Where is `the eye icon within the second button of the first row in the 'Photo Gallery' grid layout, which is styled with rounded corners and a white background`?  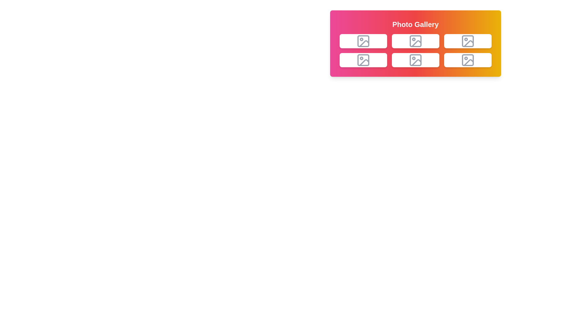 the eye icon within the second button of the first row in the 'Photo Gallery' grid layout, which is styled with rounded corners and a white background is located at coordinates (407, 41).